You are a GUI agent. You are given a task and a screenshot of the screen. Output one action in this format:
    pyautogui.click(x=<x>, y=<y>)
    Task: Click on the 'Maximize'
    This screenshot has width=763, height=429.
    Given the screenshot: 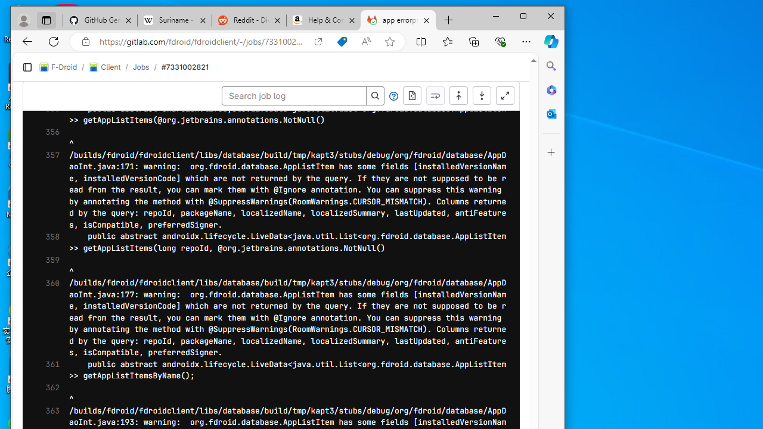 What is the action you would take?
    pyautogui.click(x=523, y=16)
    